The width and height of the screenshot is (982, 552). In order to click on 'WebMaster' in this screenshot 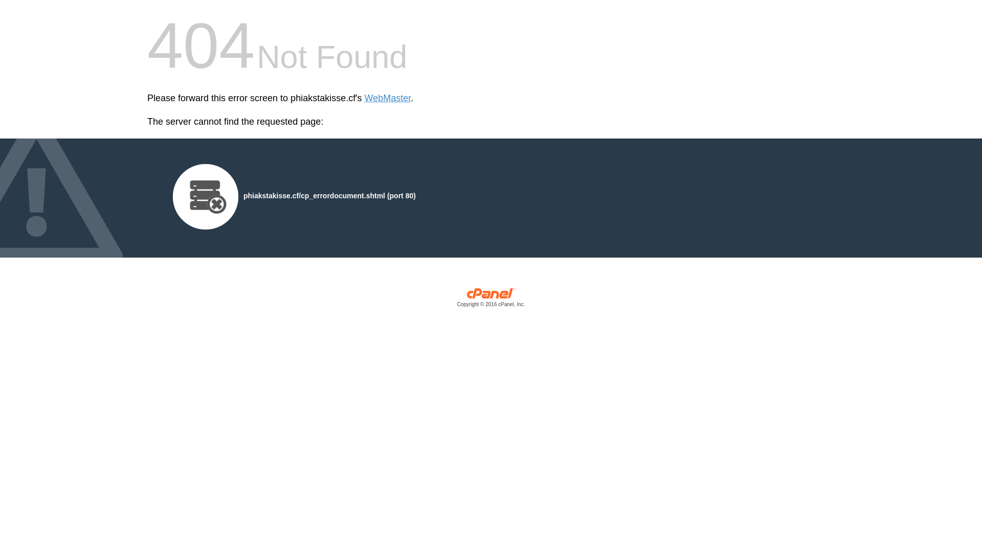, I will do `click(365, 98)`.